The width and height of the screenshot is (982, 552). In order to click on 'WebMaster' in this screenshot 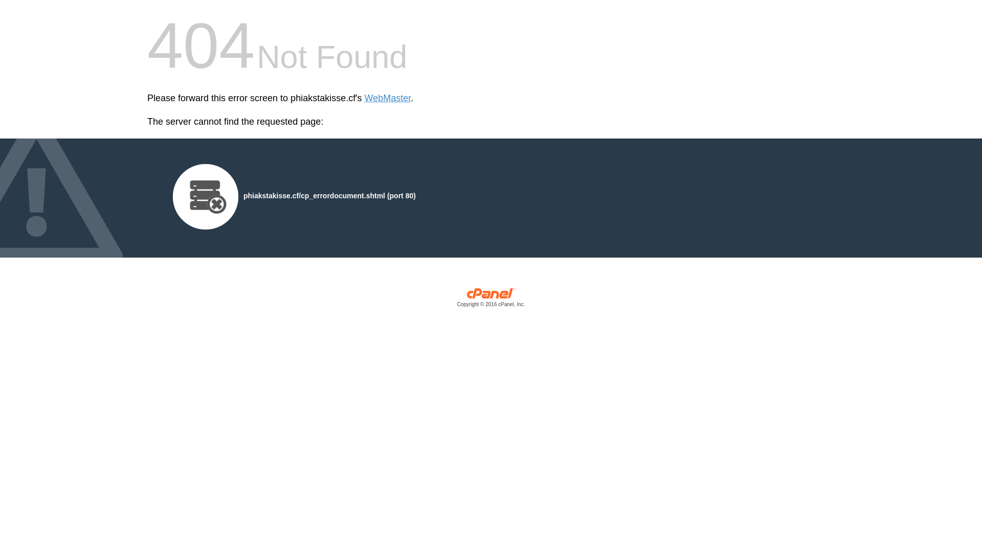, I will do `click(365, 98)`.